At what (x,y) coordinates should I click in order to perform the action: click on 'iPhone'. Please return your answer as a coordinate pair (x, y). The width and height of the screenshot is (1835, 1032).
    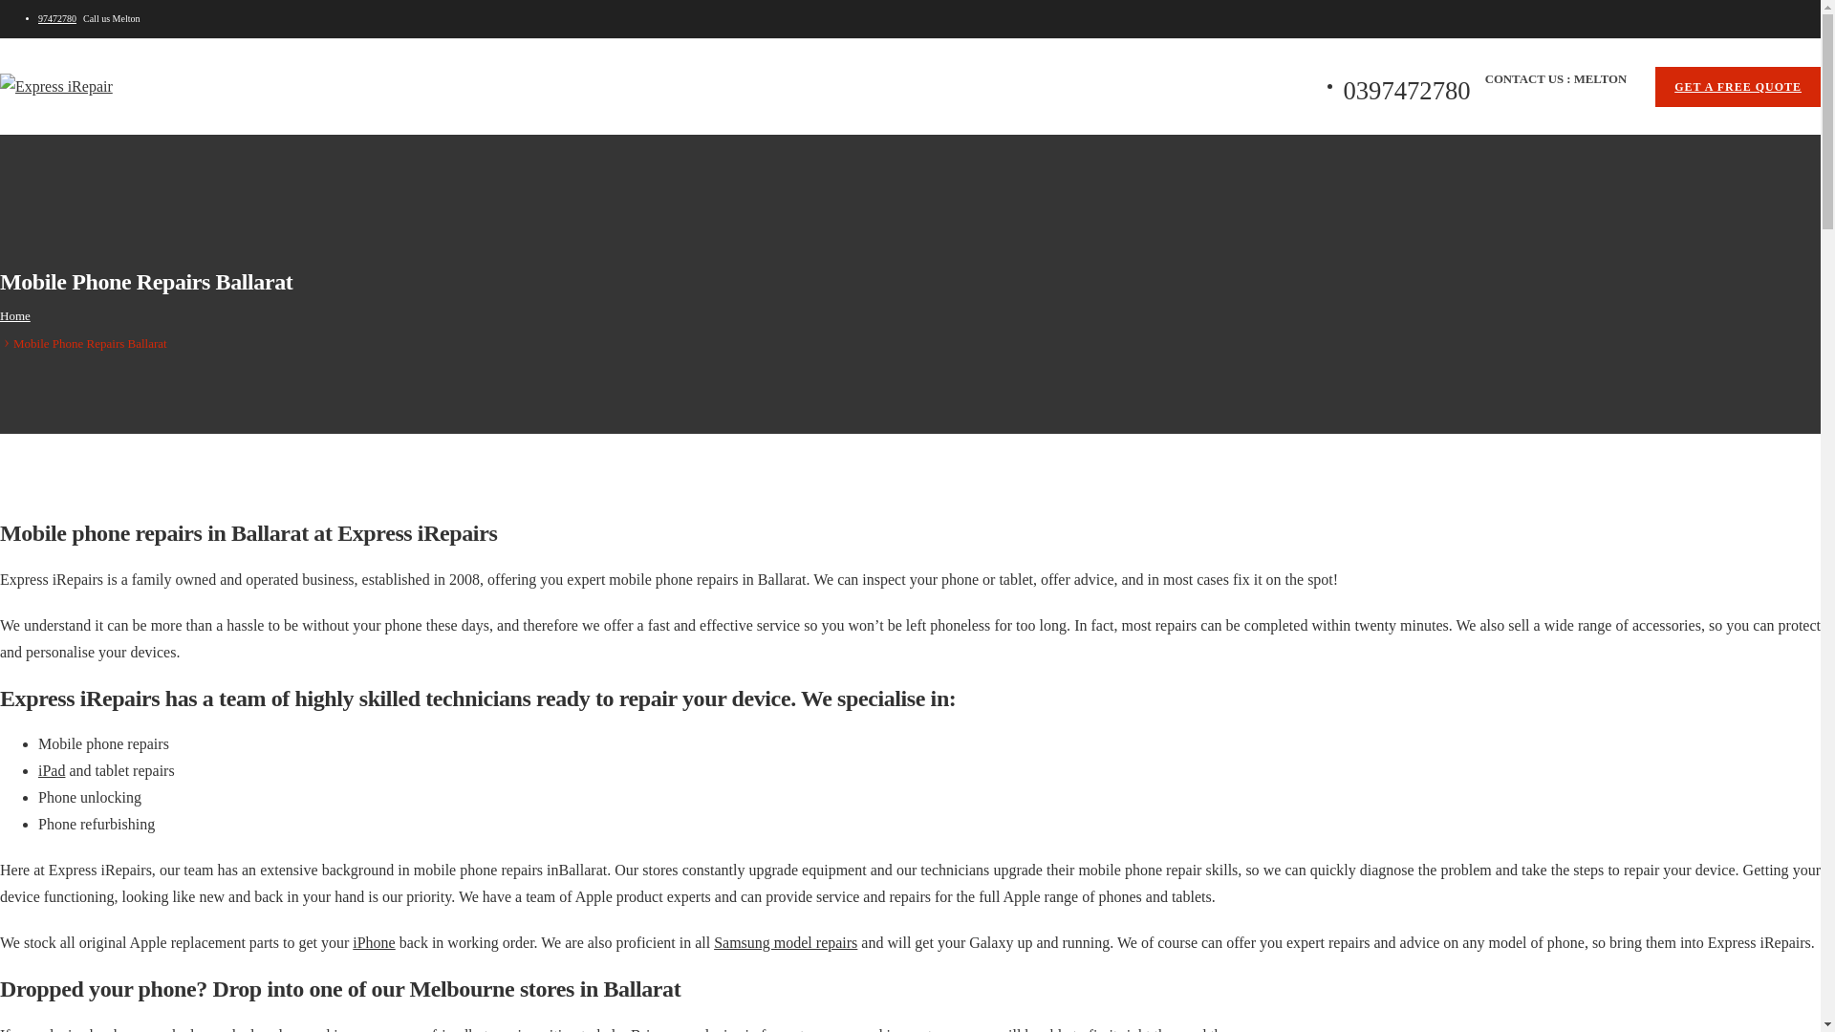
    Looking at the image, I should click on (373, 941).